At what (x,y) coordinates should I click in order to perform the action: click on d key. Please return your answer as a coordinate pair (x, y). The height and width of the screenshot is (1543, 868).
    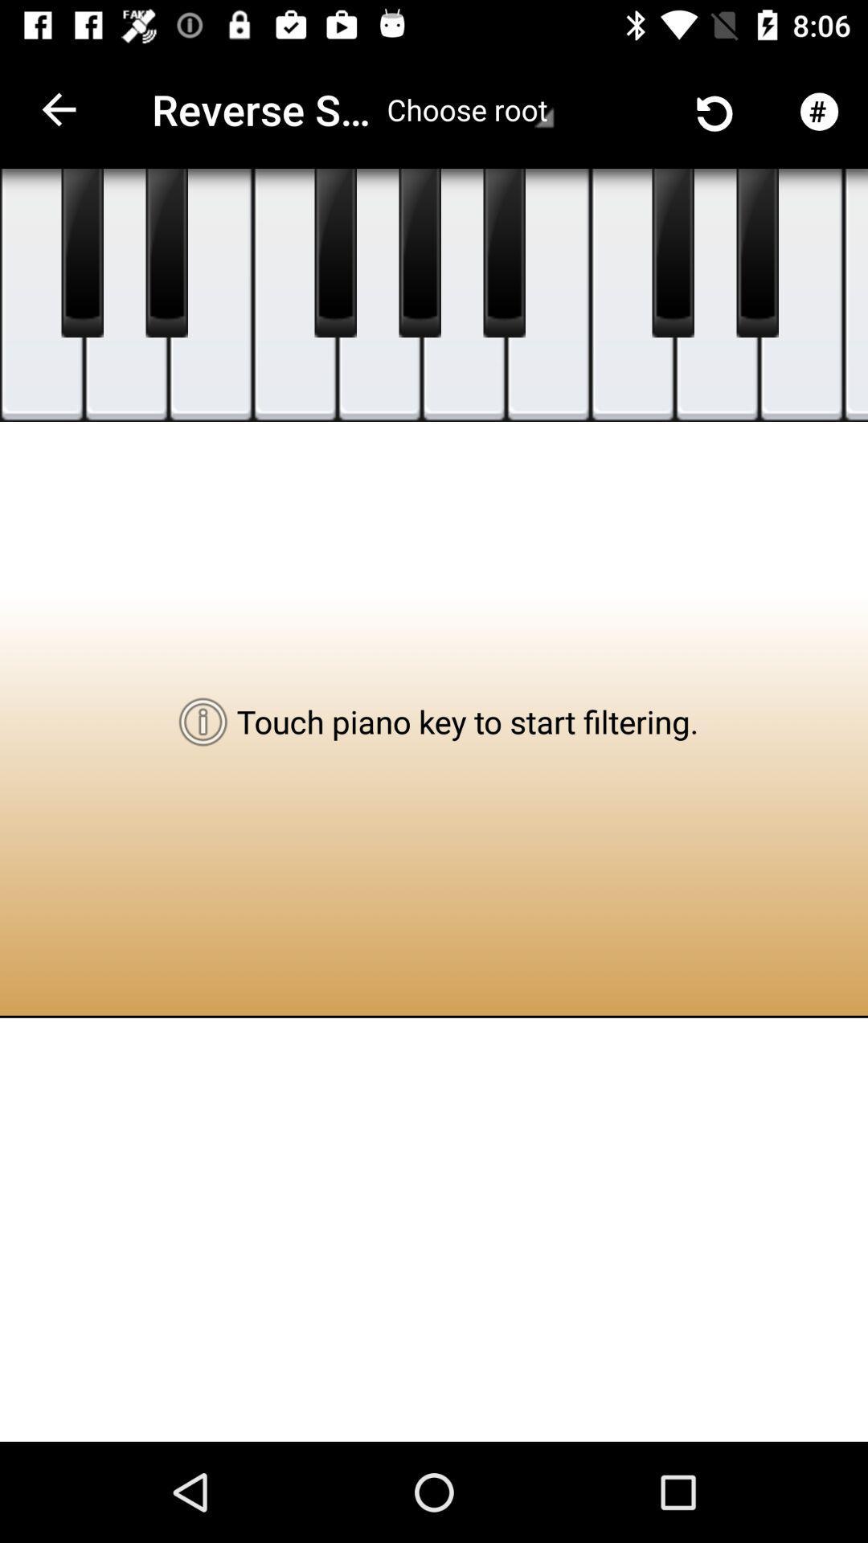
    Looking at the image, I should click on (125, 295).